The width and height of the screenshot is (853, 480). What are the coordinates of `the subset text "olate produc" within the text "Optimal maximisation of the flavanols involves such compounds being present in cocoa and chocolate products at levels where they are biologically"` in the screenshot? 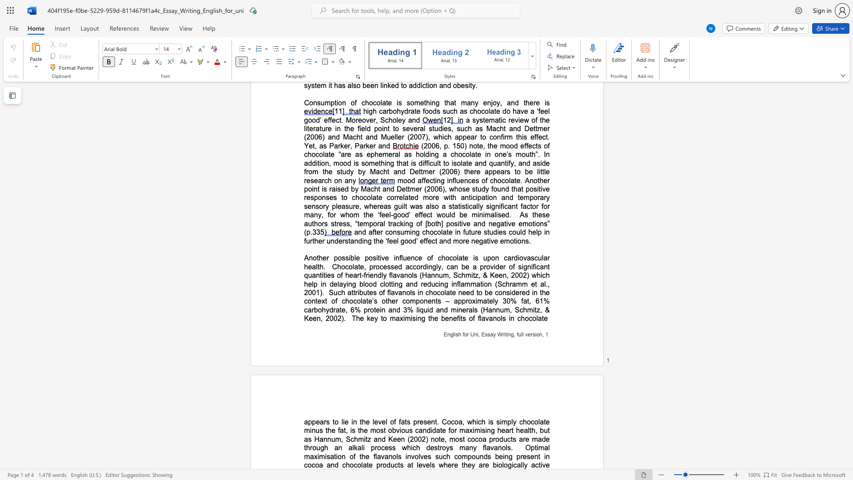 It's located at (357, 464).